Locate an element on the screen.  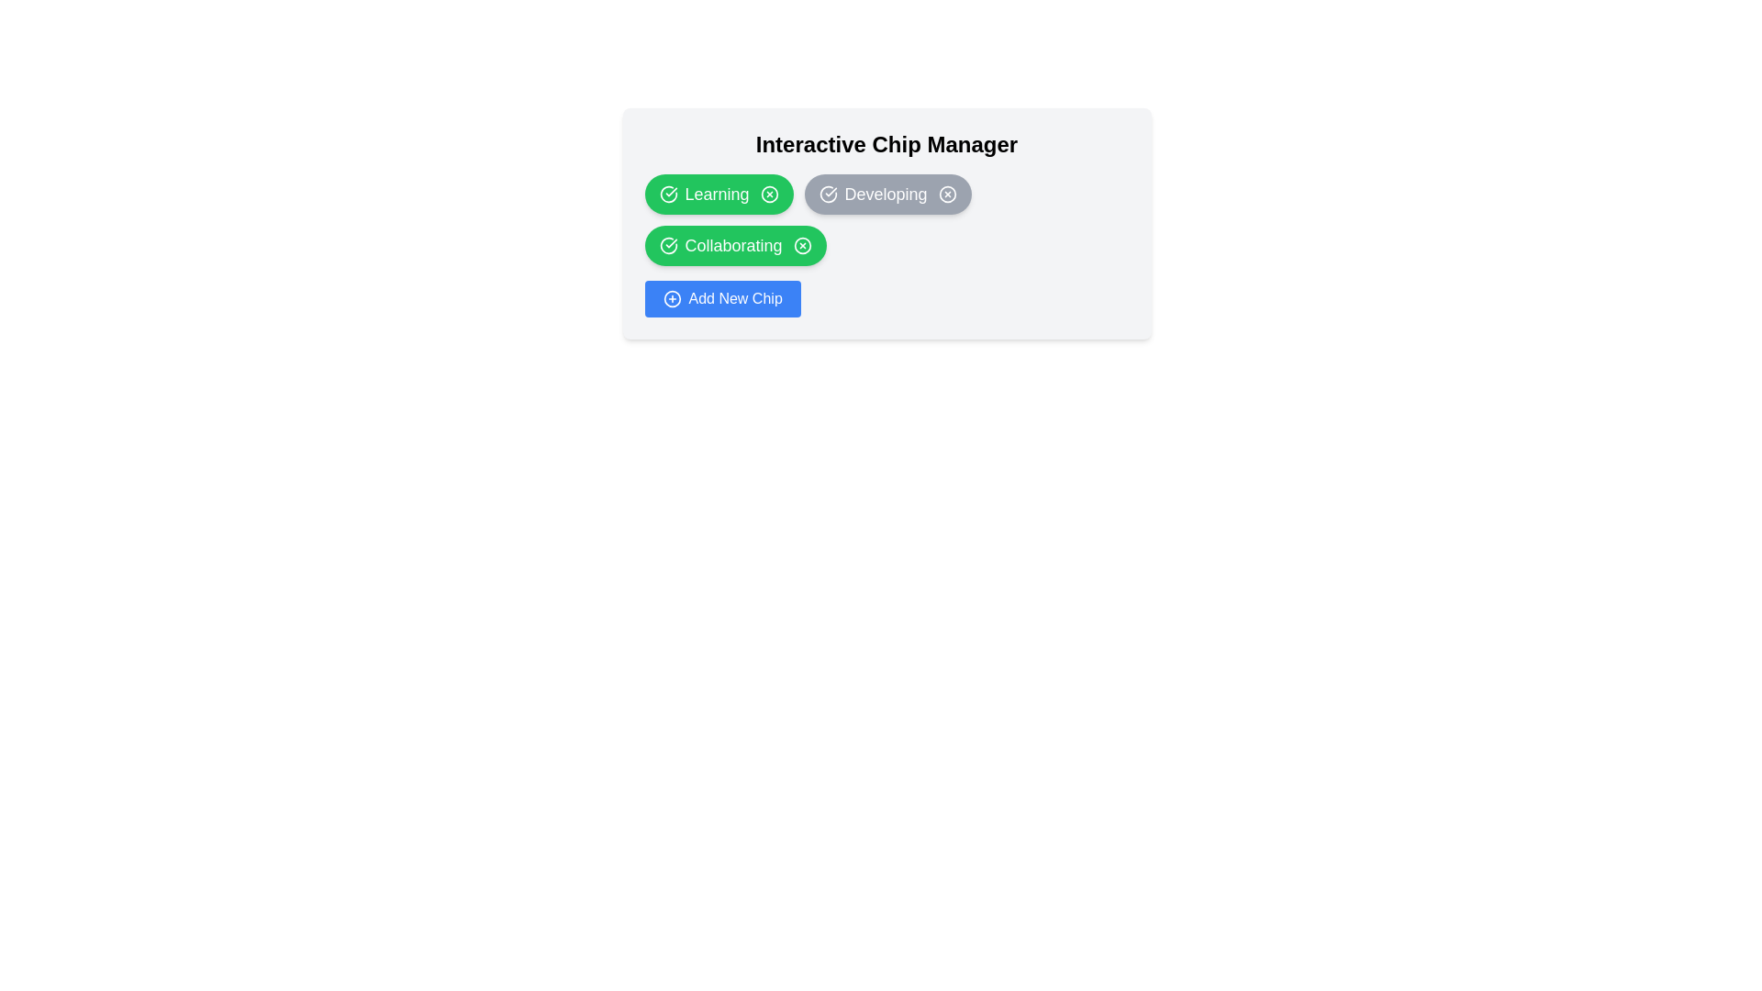
the text 'Collaborating' within the green rounded rectangular chip component is located at coordinates (732, 244).